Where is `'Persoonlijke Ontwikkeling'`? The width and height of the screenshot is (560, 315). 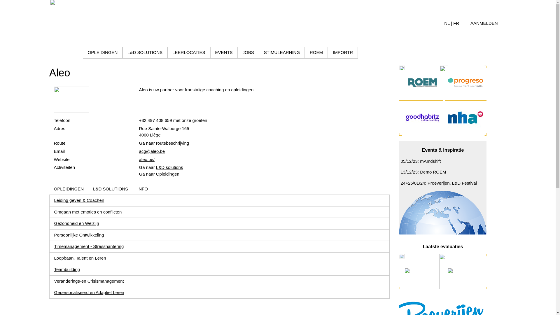 'Persoonlijke Ontwikkeling' is located at coordinates (79, 235).